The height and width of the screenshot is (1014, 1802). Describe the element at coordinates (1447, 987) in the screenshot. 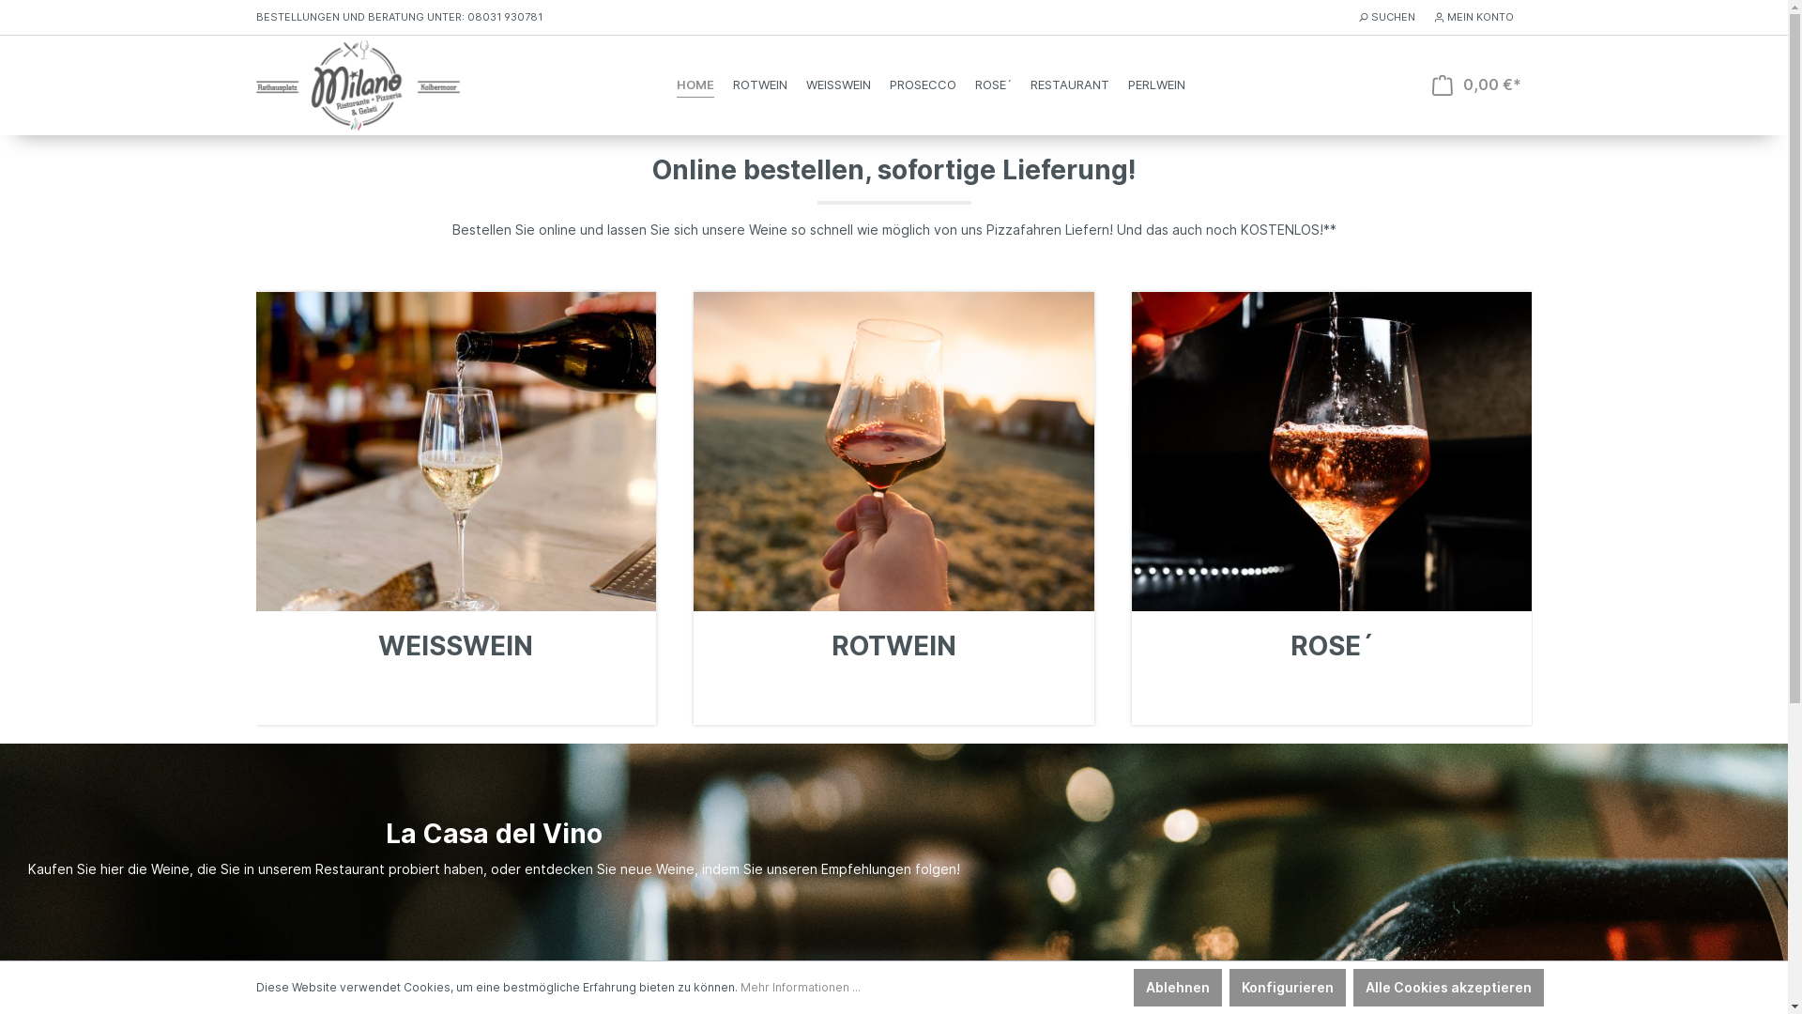

I see `'Alle Cookies akzeptieren'` at that location.